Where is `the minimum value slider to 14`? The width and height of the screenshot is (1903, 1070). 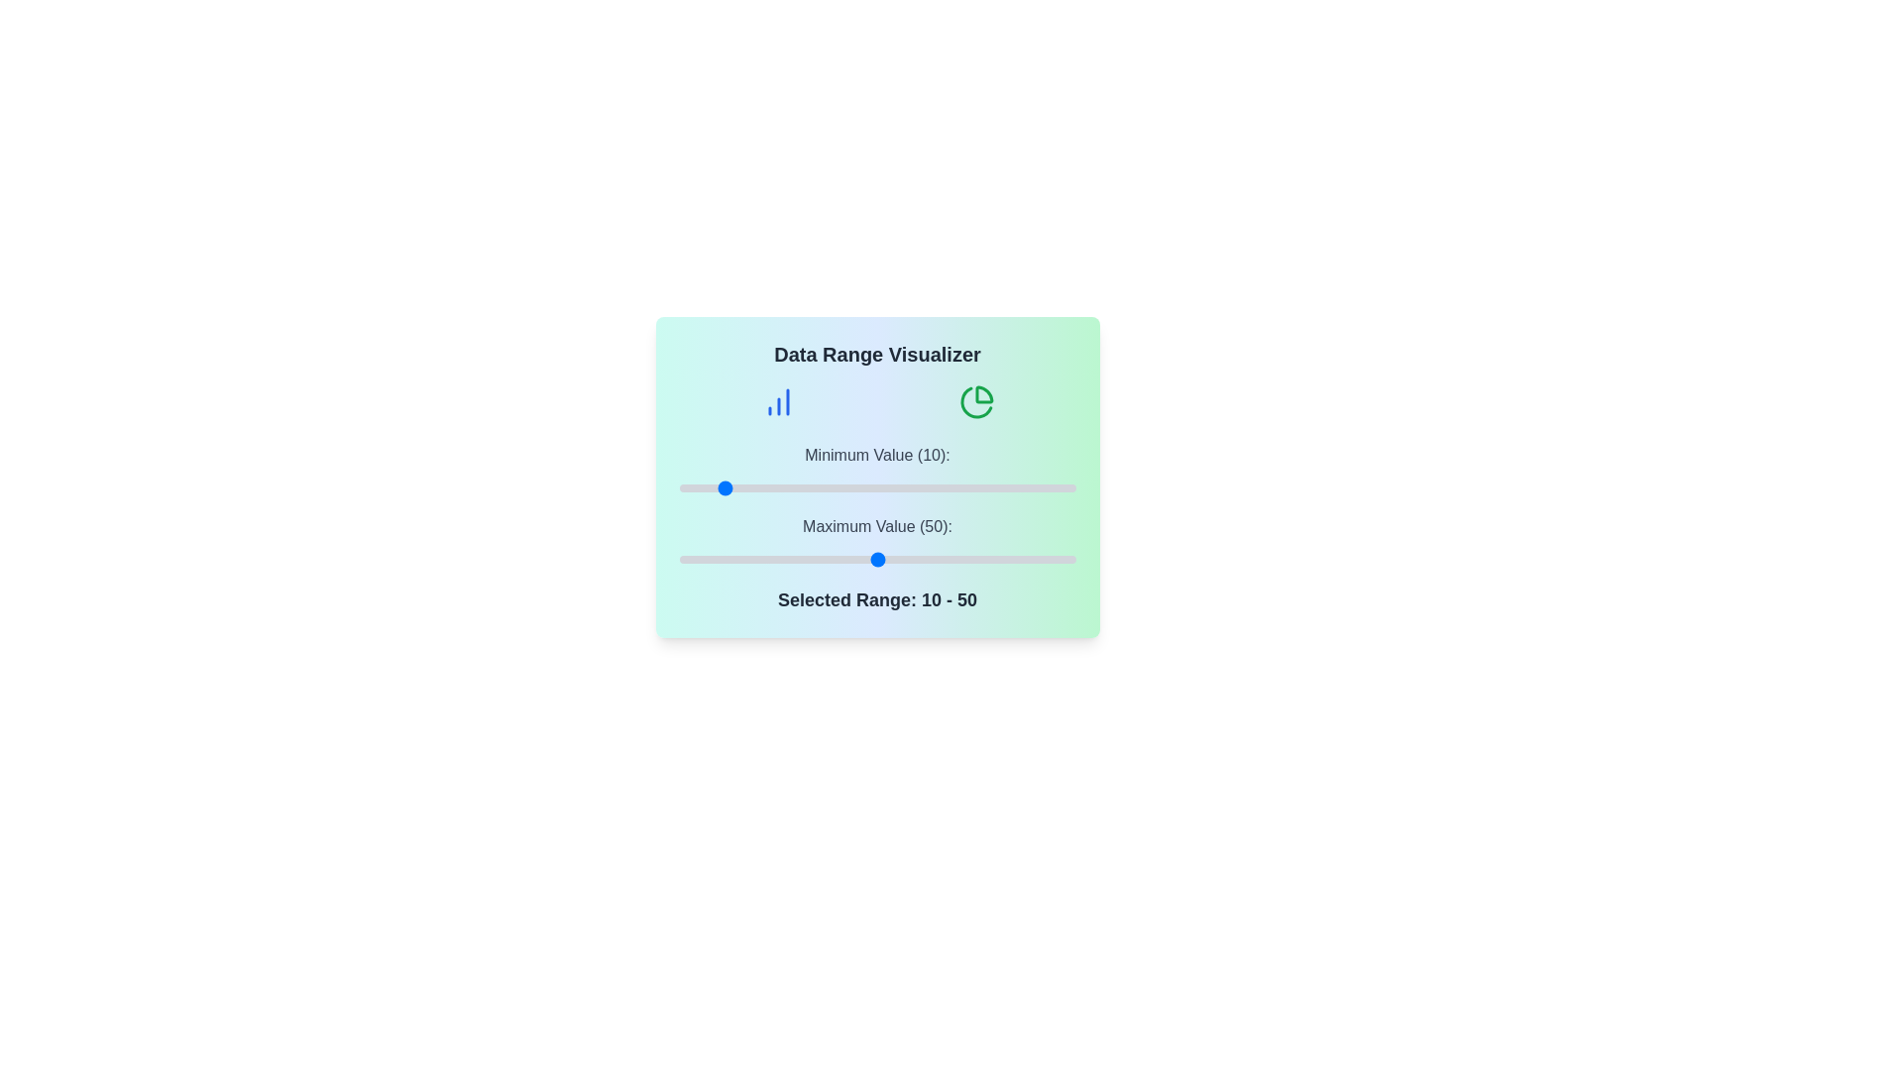 the minimum value slider to 14 is located at coordinates (733, 488).